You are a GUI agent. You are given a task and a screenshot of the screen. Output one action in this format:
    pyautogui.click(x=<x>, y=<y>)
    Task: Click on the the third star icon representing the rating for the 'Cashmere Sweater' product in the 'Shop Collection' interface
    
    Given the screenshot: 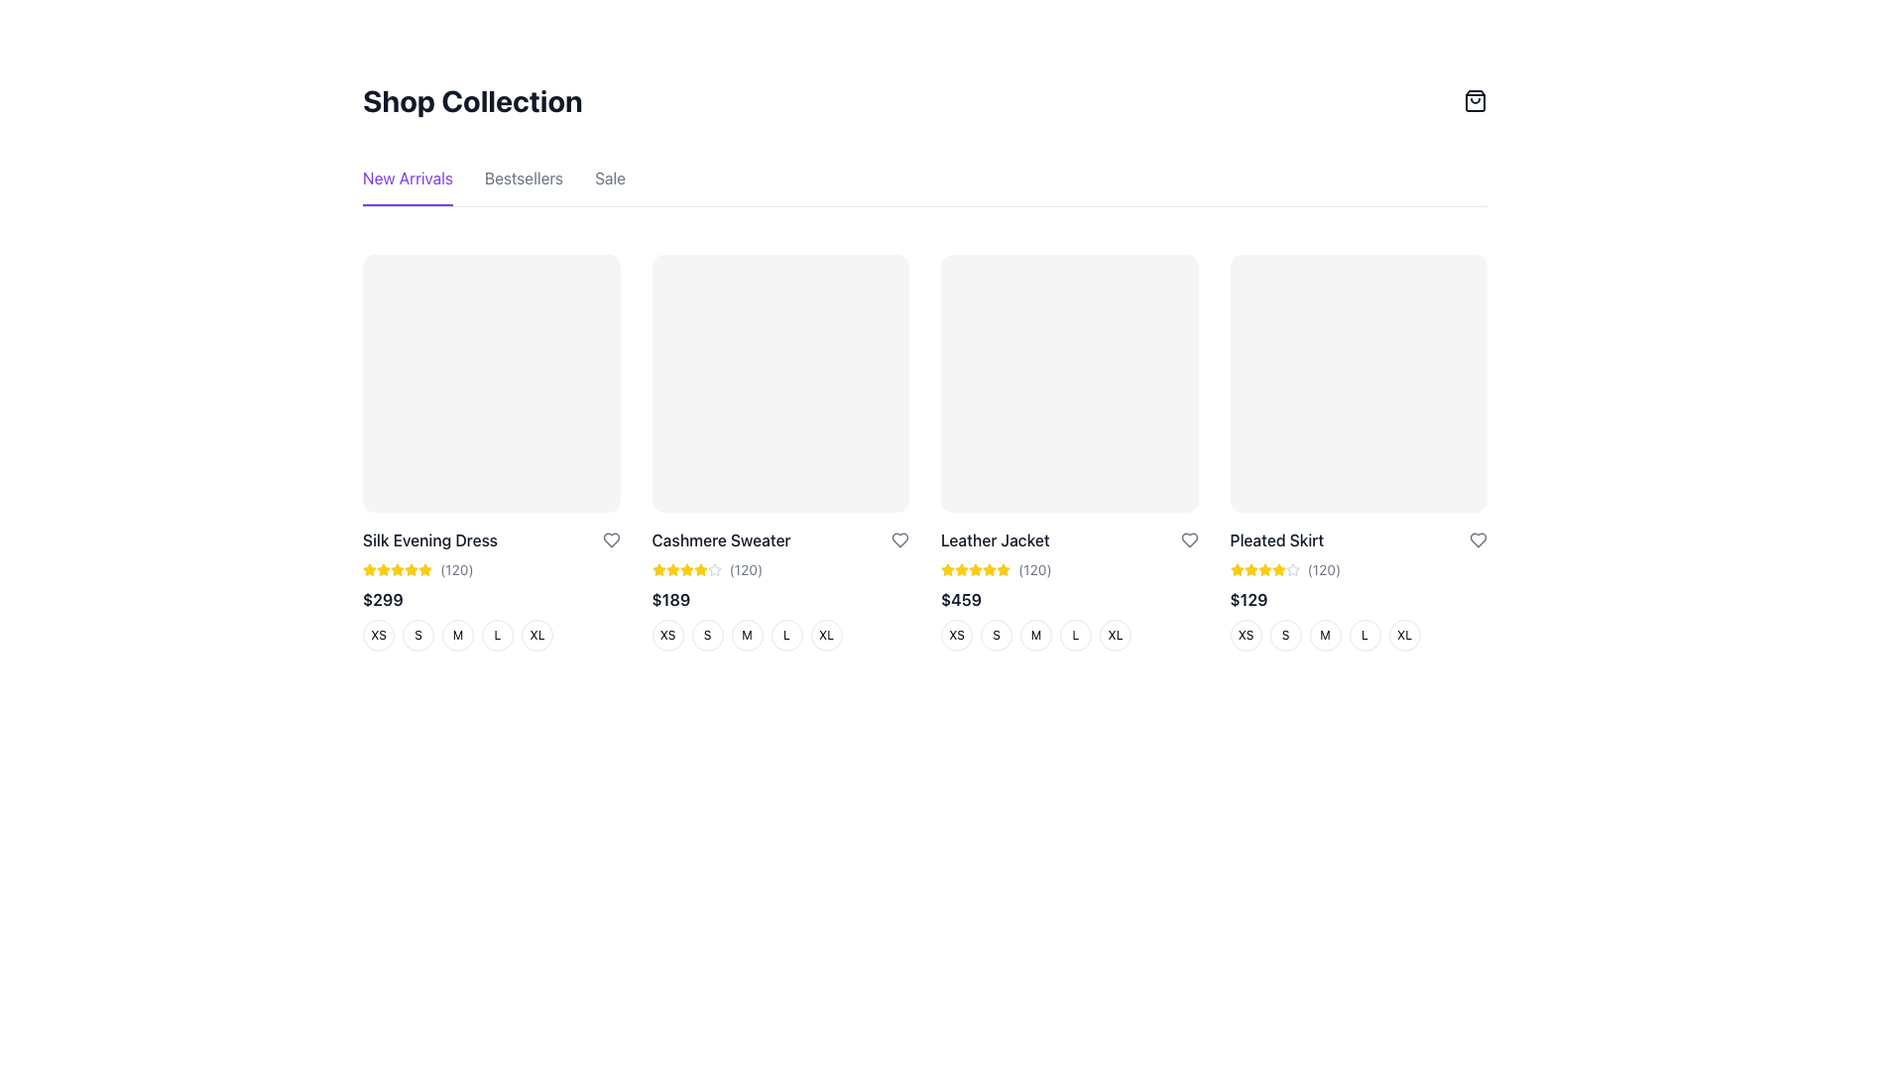 What is the action you would take?
    pyautogui.click(x=672, y=569)
    